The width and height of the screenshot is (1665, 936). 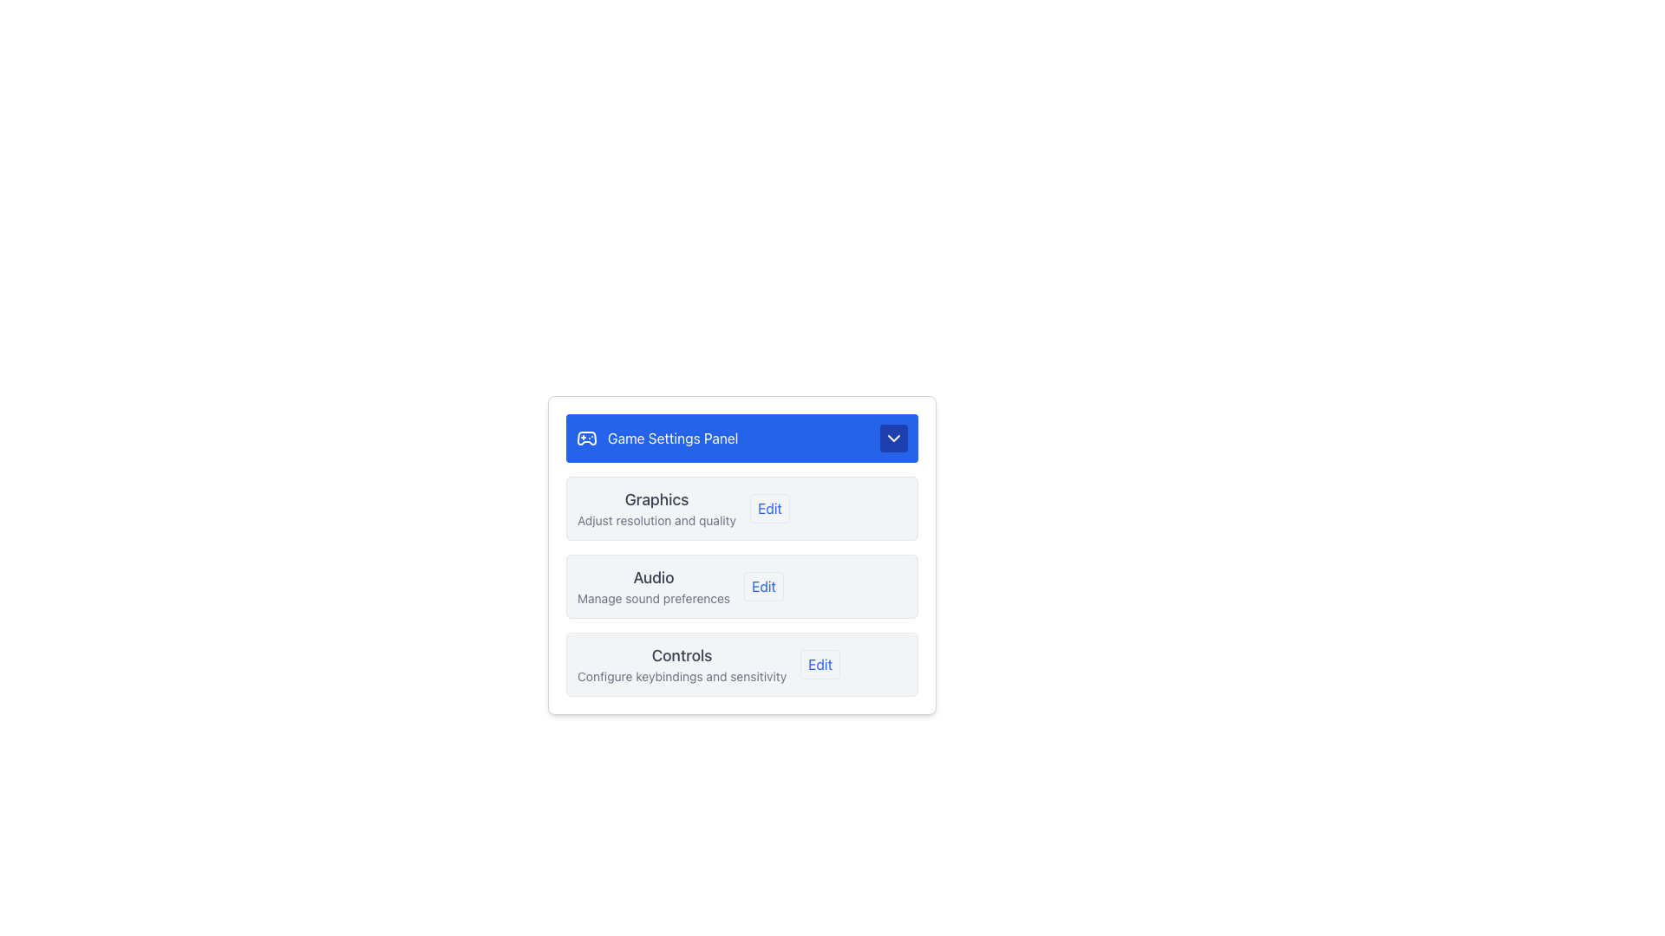 I want to click on the 'Audio' settings text label, which helps identify the section's content within the settings panel, so click(x=652, y=578).